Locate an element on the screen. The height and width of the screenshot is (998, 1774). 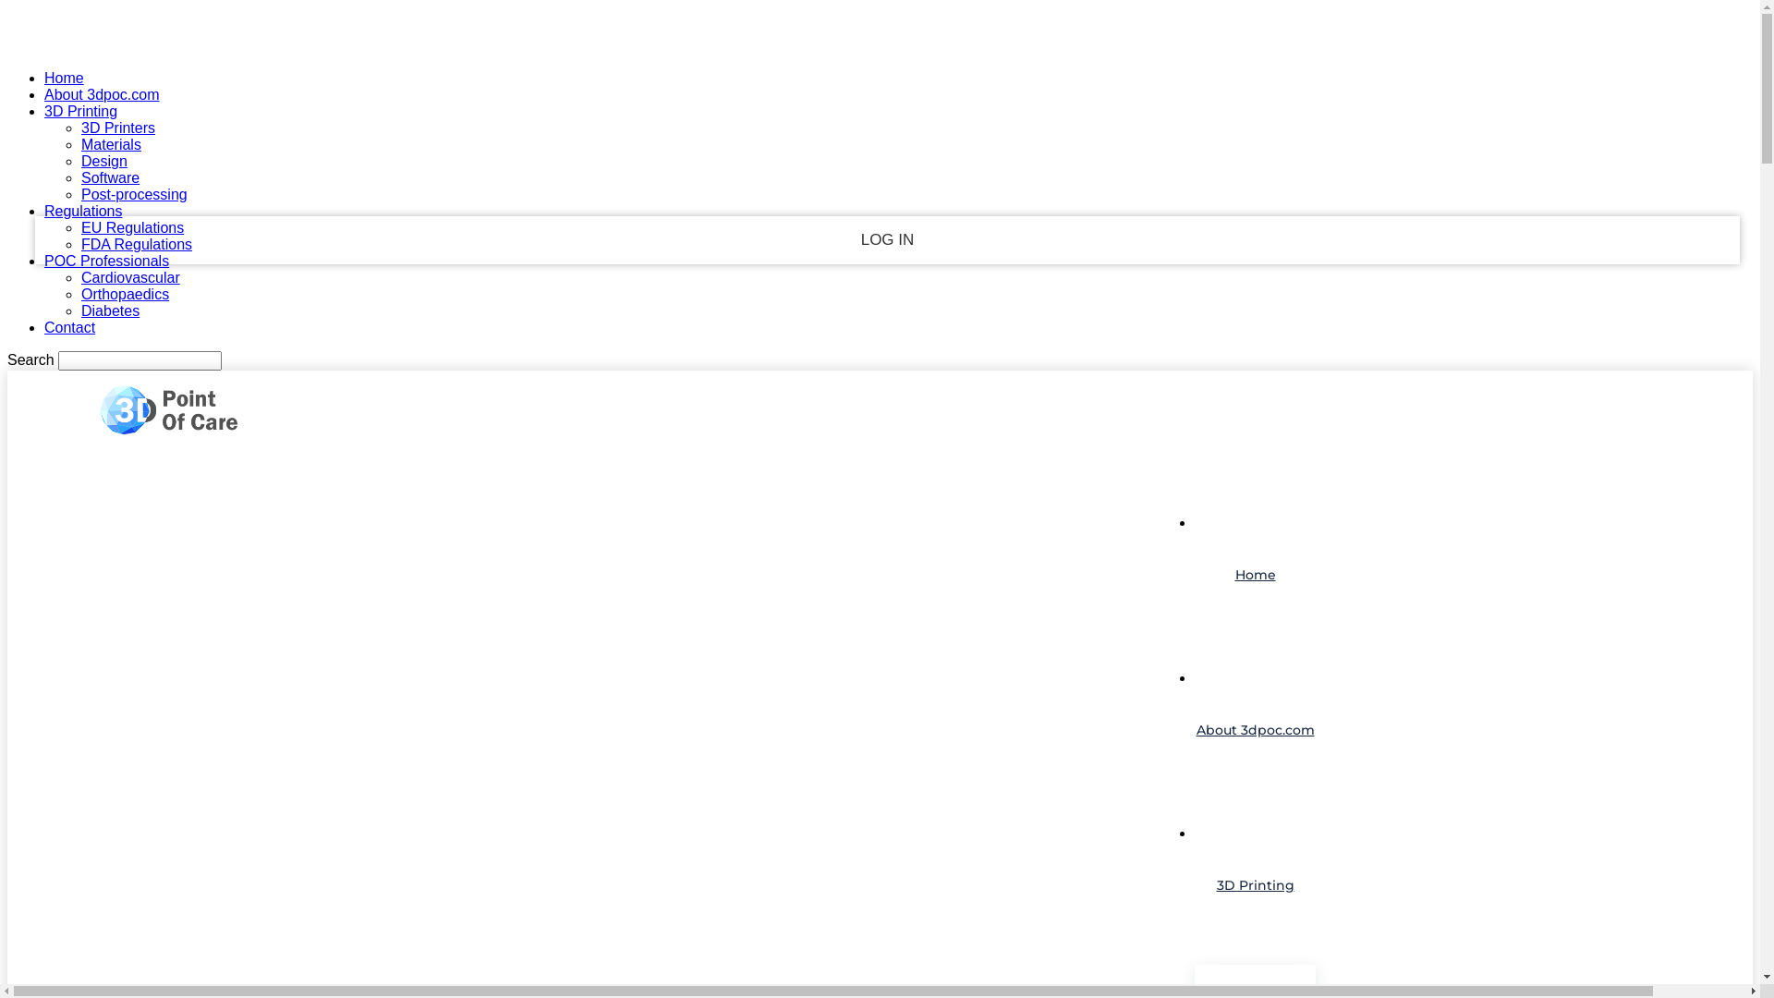
'Contact' is located at coordinates (44, 326).